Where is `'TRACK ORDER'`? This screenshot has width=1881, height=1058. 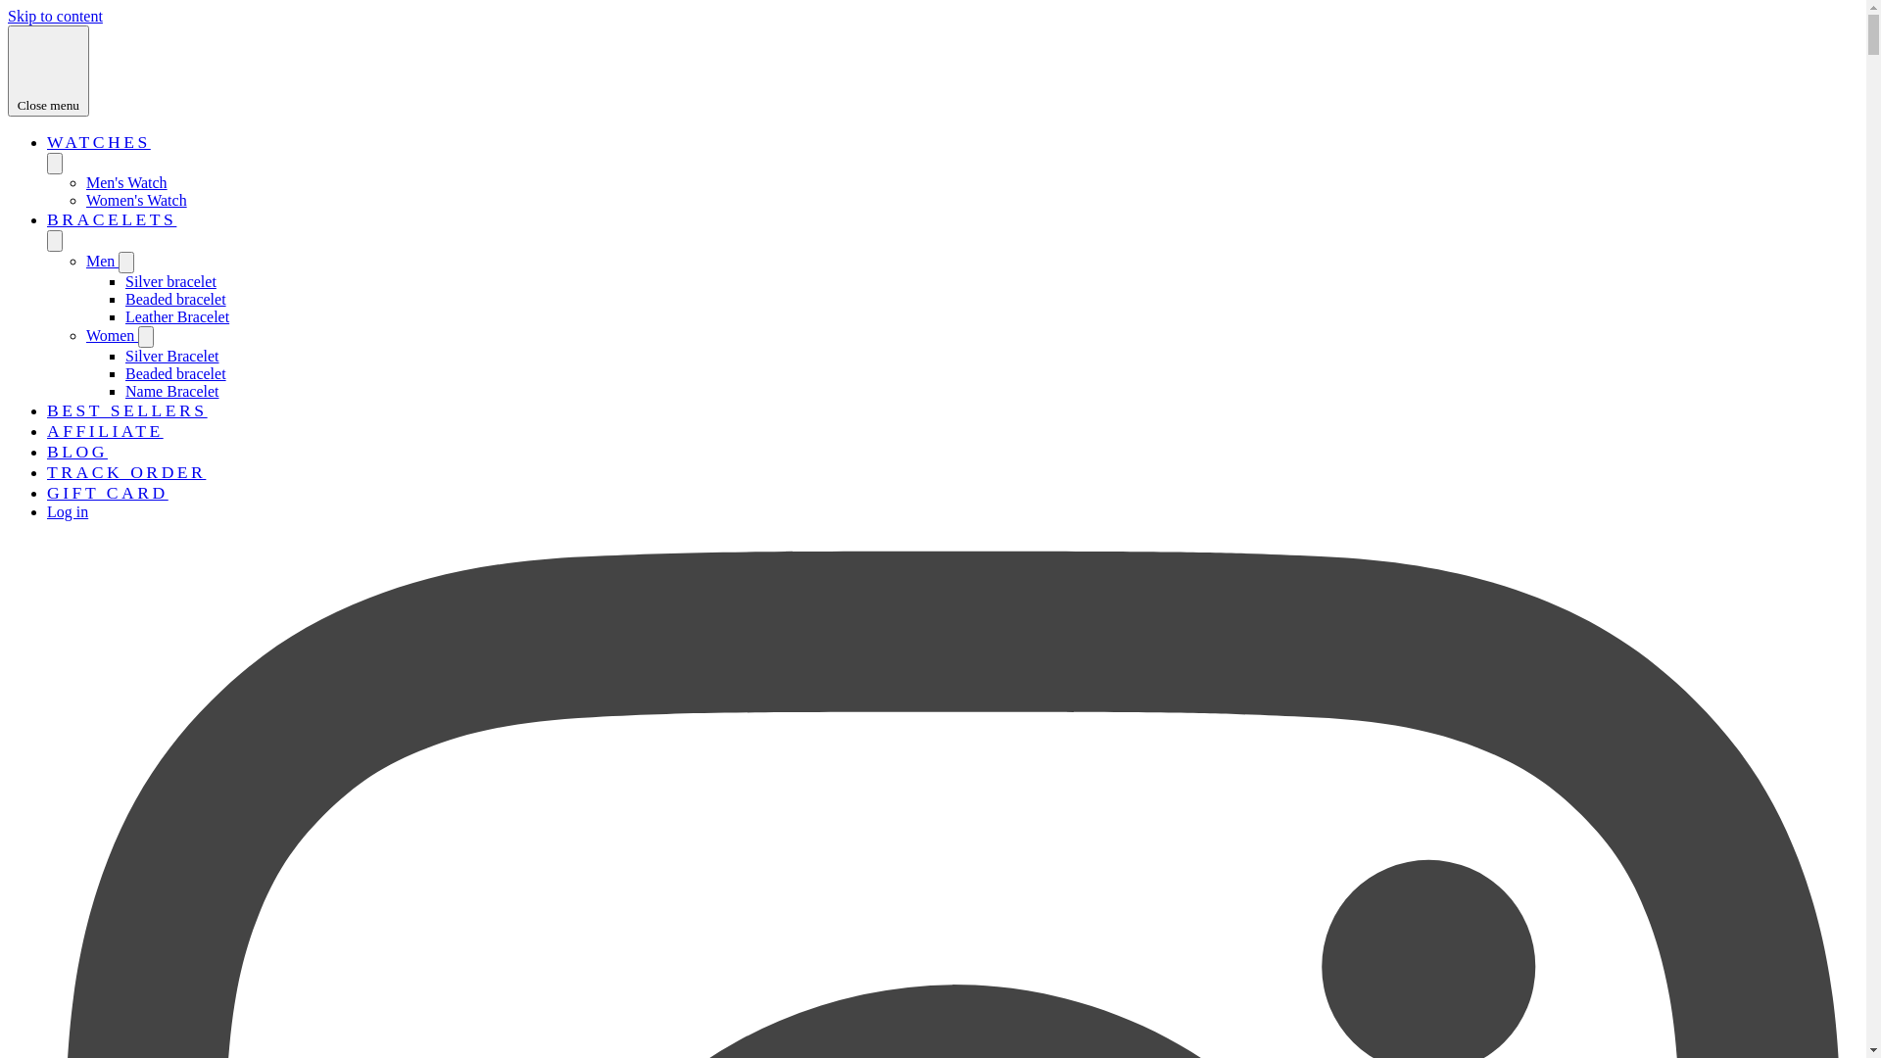
'TRACK ORDER' is located at coordinates (125, 472).